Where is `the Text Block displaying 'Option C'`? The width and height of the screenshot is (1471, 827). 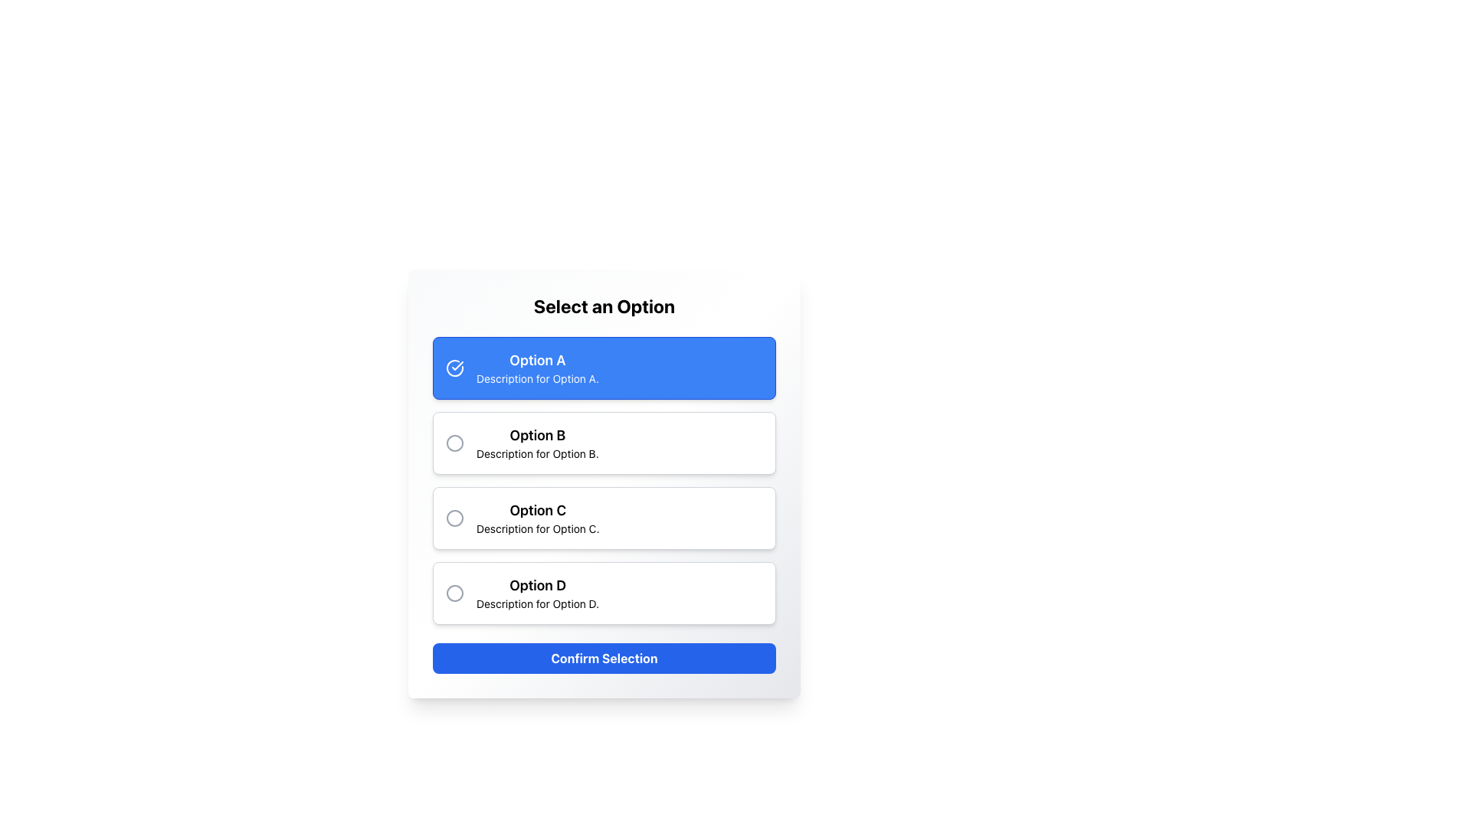 the Text Block displaying 'Option C' is located at coordinates (538, 518).